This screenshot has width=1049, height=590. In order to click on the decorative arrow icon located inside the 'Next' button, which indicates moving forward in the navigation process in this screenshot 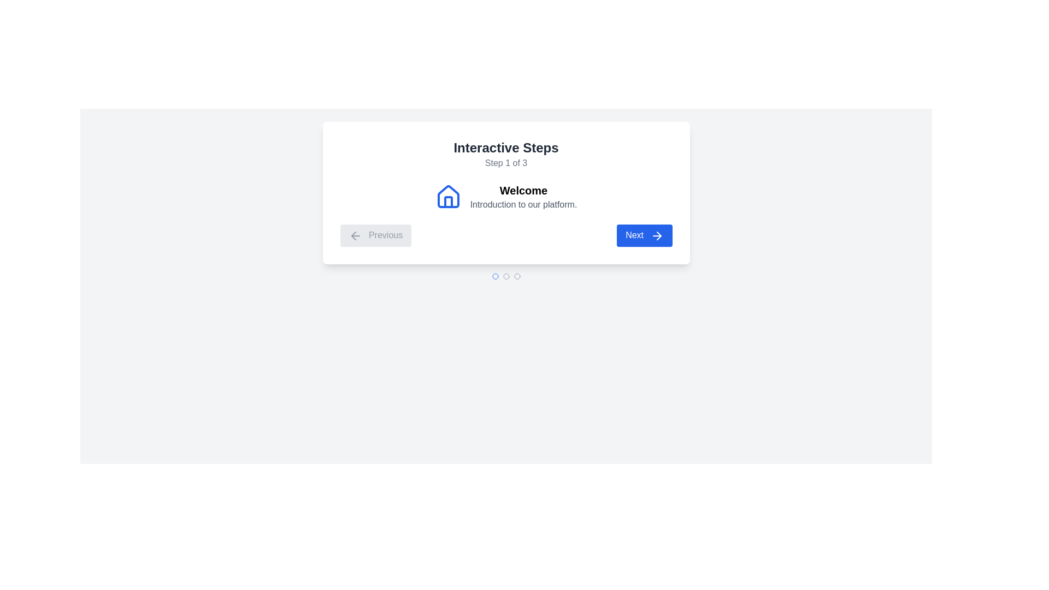, I will do `click(658, 235)`.